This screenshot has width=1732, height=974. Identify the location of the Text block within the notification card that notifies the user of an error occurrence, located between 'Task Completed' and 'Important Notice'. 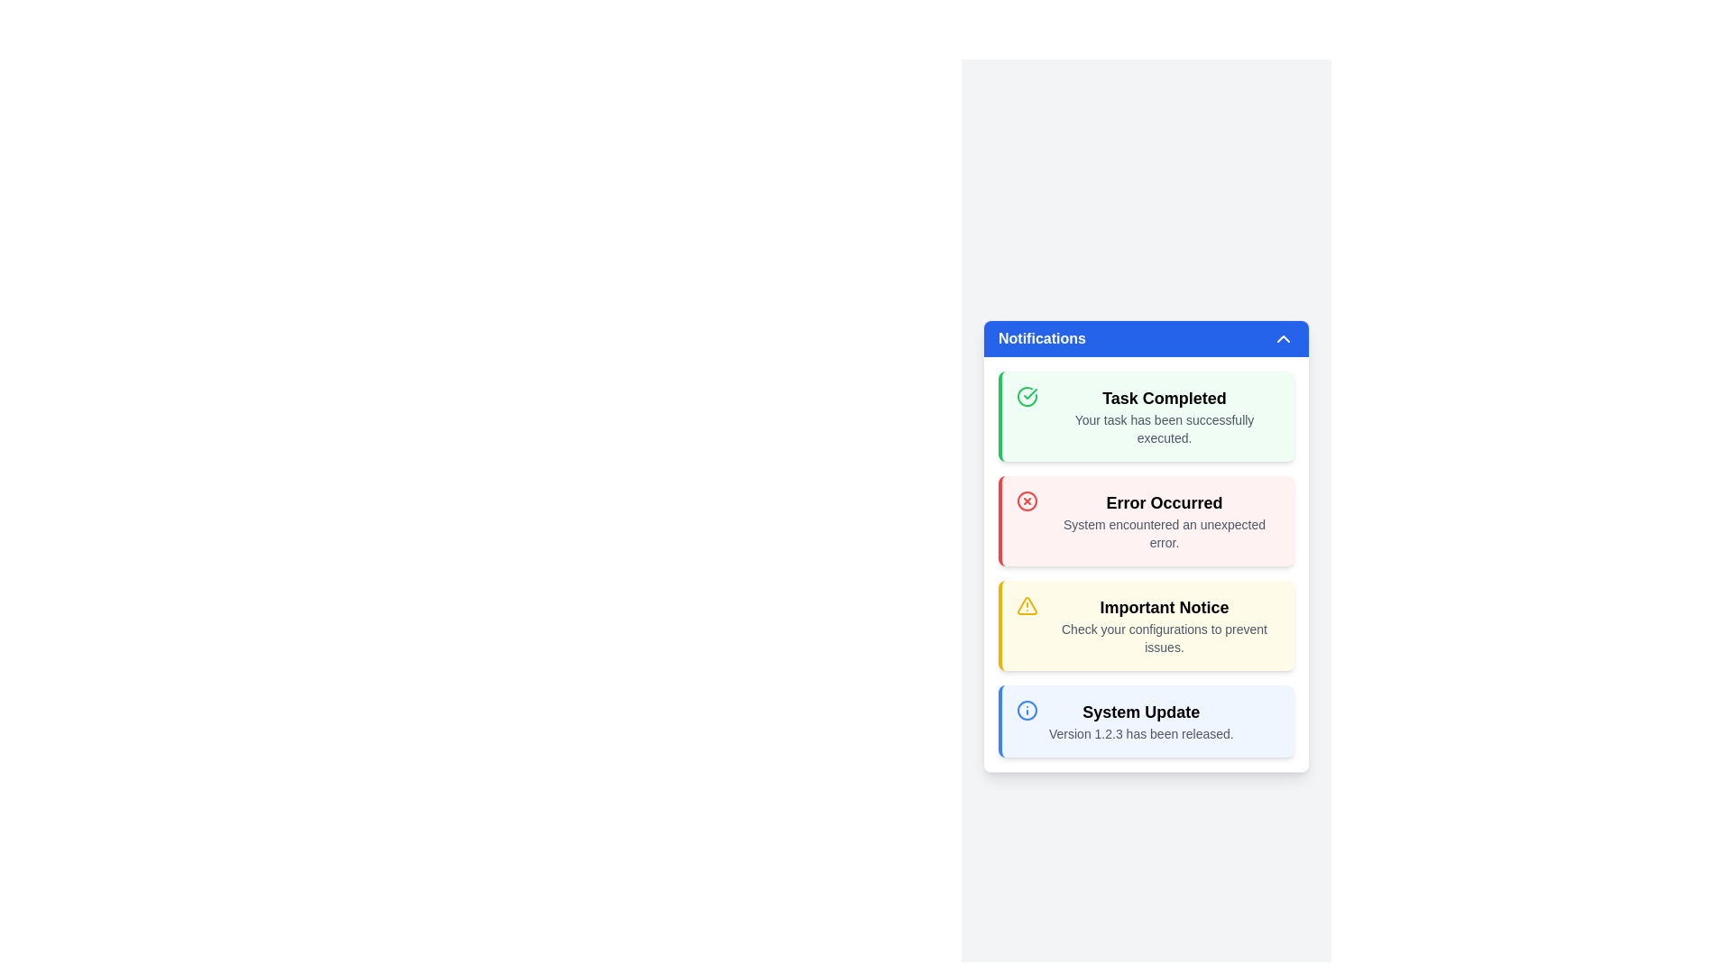
(1165, 521).